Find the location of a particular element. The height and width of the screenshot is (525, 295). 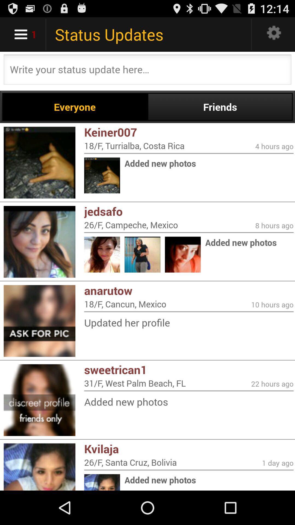

the friends item is located at coordinates (220, 107).